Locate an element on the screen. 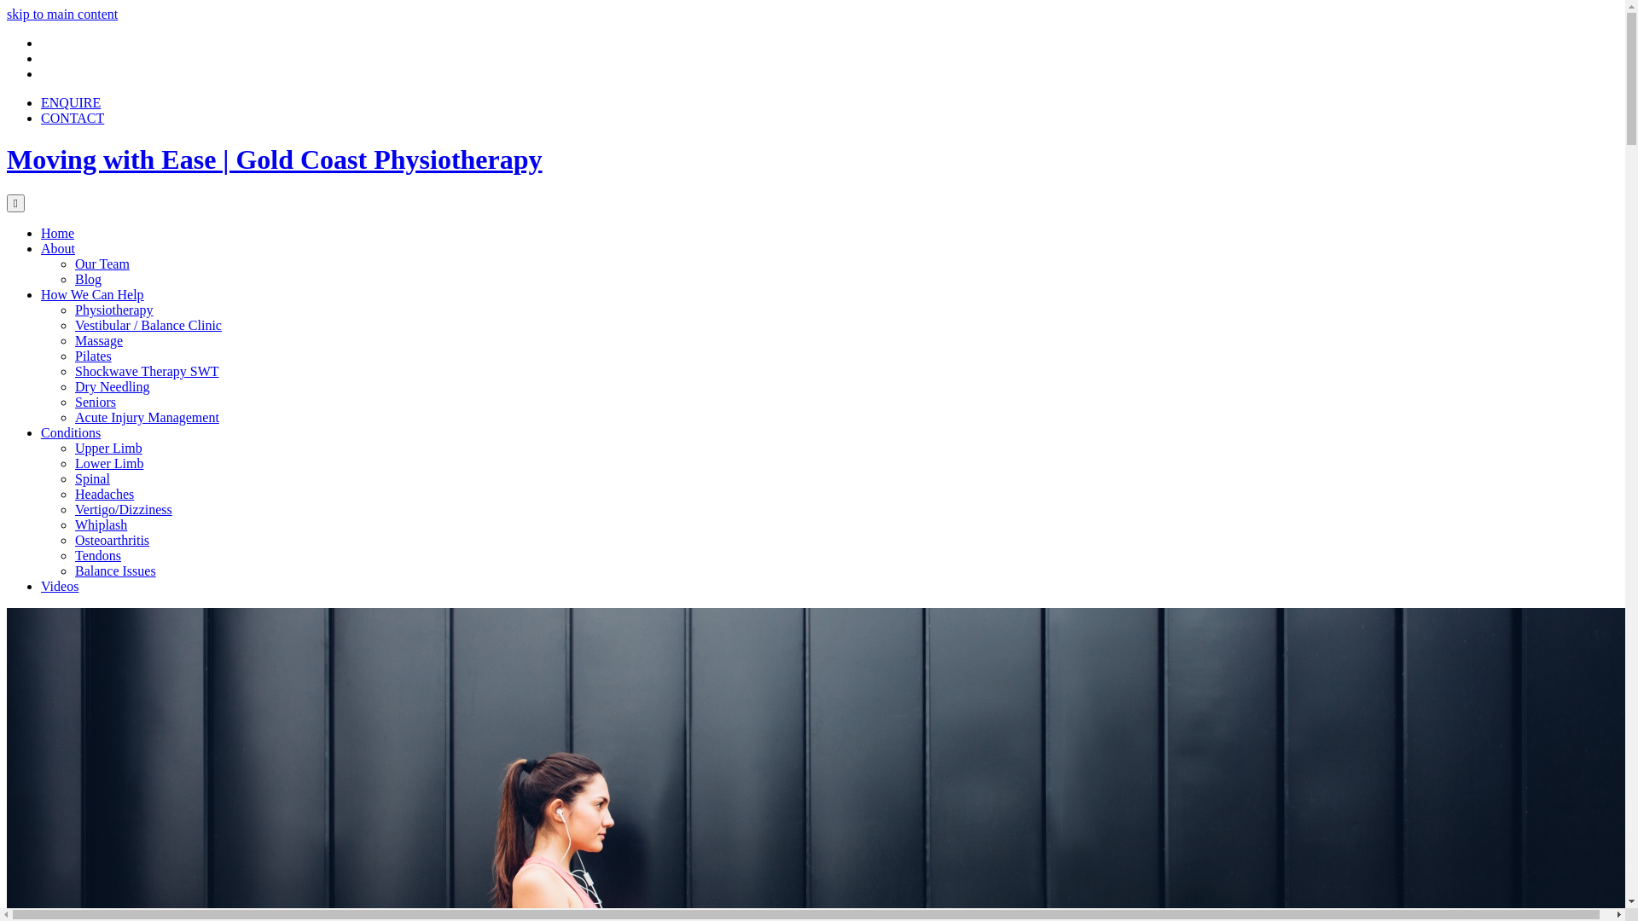 The width and height of the screenshot is (1638, 921). 'Massage' is located at coordinates (97, 340).